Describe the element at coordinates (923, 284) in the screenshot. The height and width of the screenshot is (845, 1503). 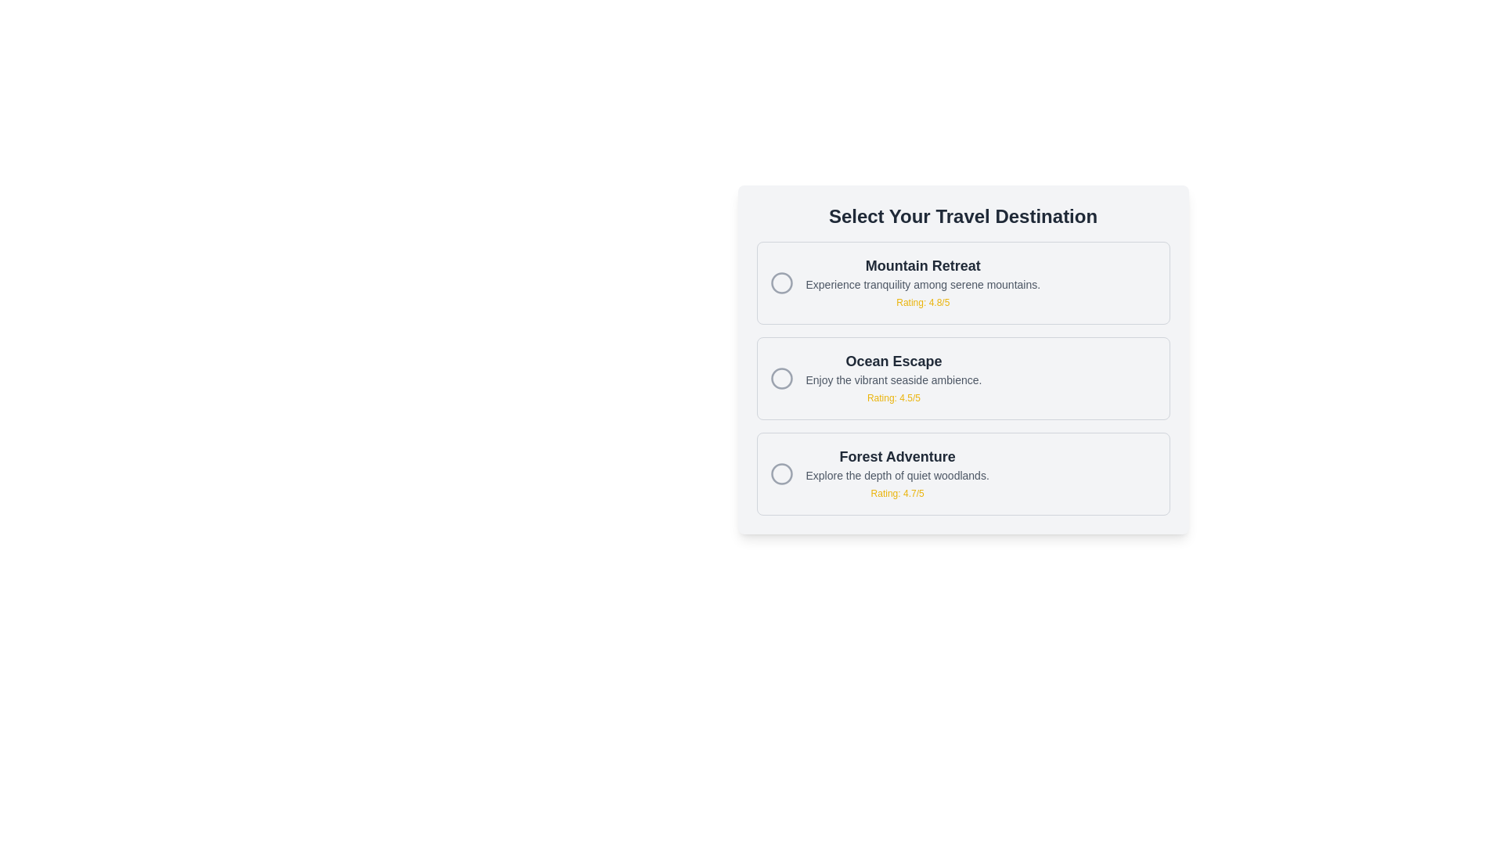
I see `the descriptive tagline for the 'Mountain Retreat' option, which is centrally aligned below the title and above the rating text` at that location.